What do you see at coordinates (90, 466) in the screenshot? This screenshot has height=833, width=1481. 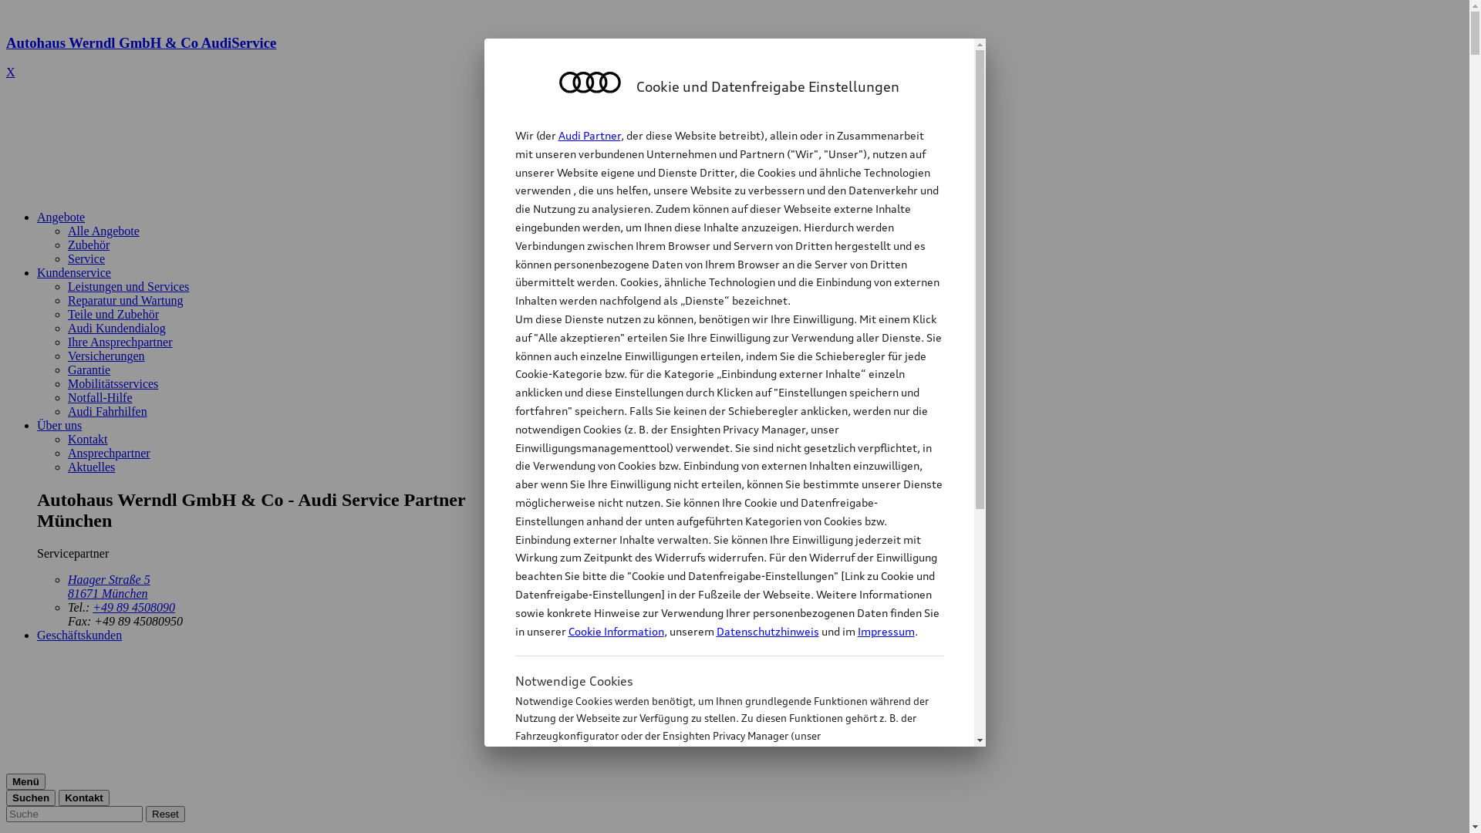 I see `'Aktuelles'` at bounding box center [90, 466].